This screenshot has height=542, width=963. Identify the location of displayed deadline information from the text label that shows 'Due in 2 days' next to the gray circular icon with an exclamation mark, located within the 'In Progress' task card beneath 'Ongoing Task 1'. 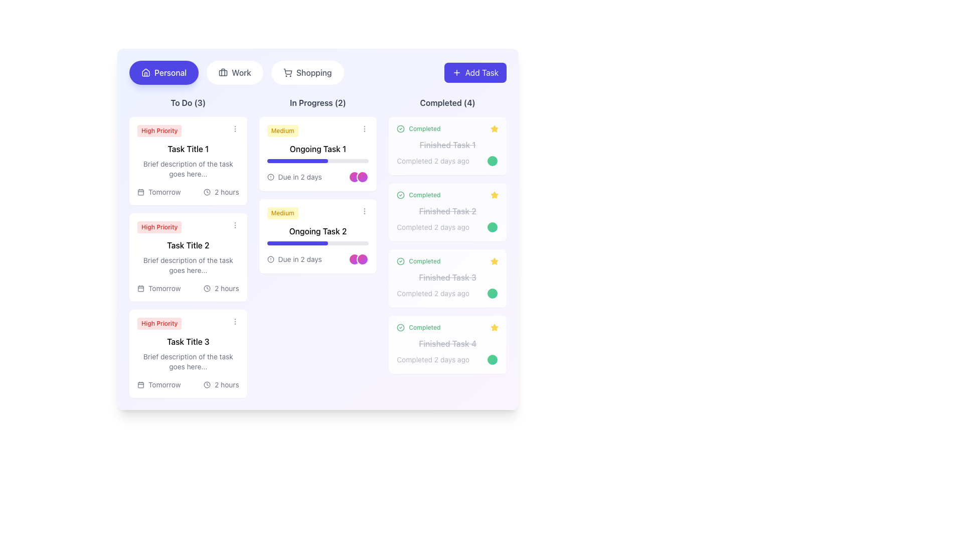
(294, 177).